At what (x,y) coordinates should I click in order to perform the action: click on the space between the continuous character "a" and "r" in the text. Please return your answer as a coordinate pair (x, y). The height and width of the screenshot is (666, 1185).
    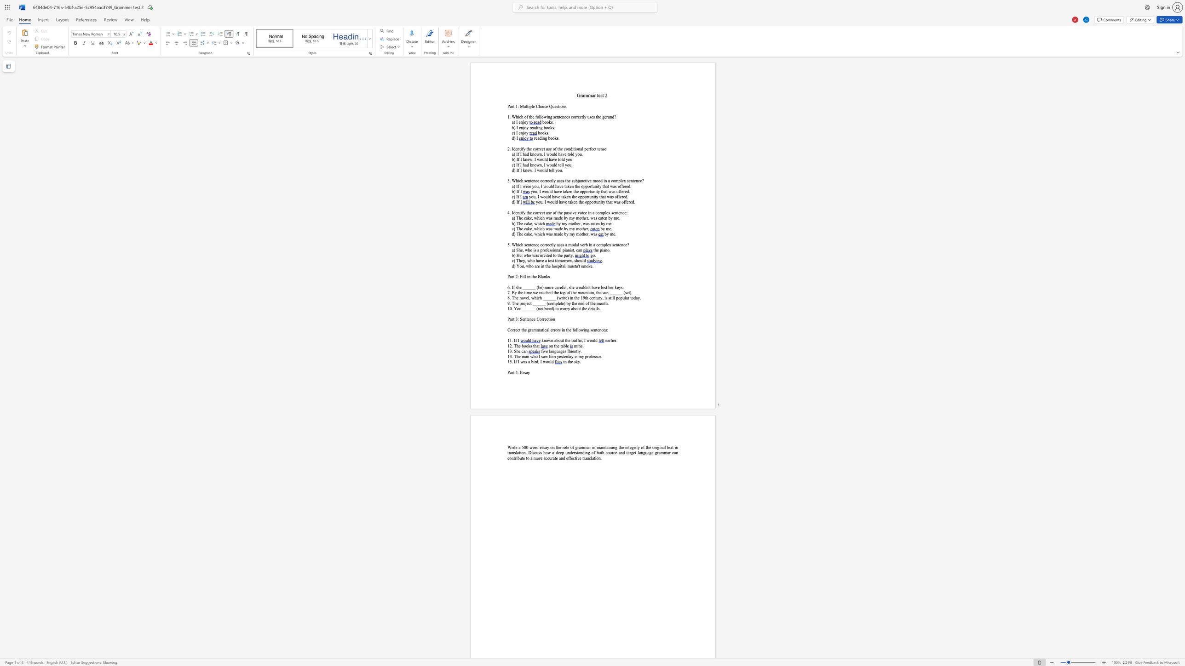
    Looking at the image, I should click on (512, 372).